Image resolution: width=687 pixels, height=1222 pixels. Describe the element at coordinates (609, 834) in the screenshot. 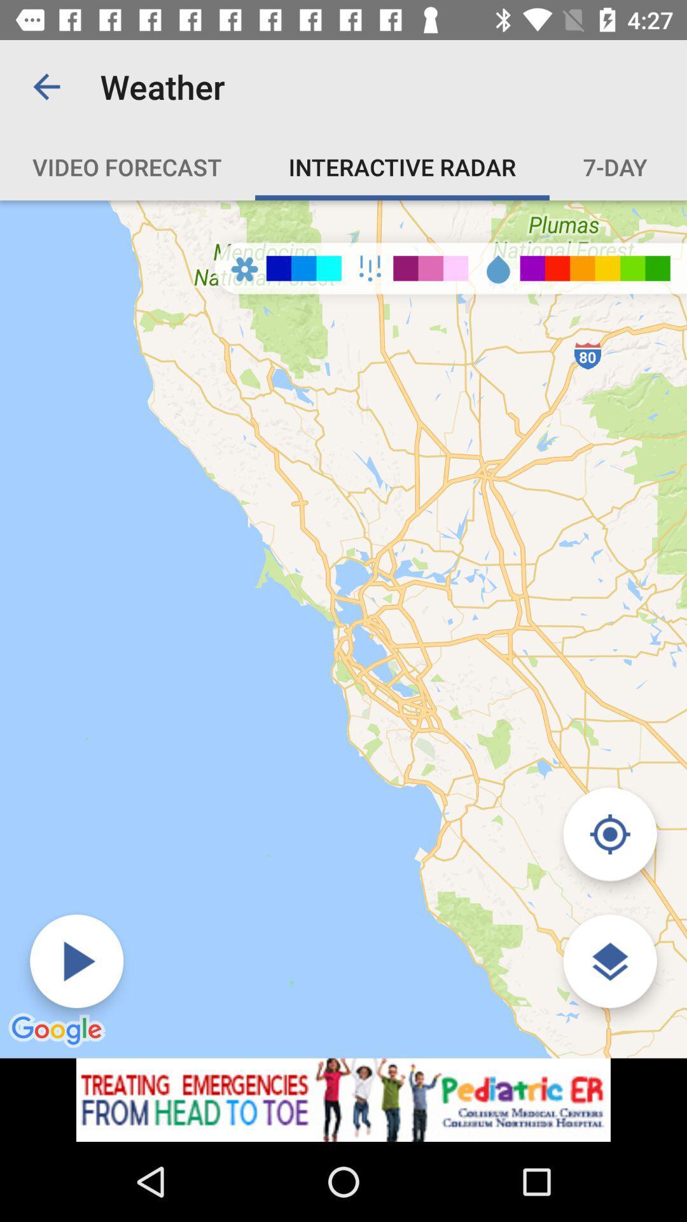

I see `the location_crosshair icon` at that location.